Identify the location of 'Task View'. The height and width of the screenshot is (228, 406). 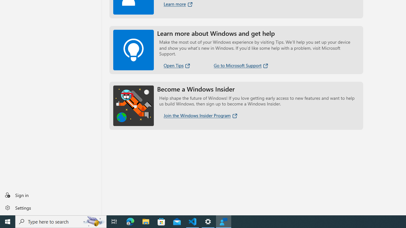
(114, 221).